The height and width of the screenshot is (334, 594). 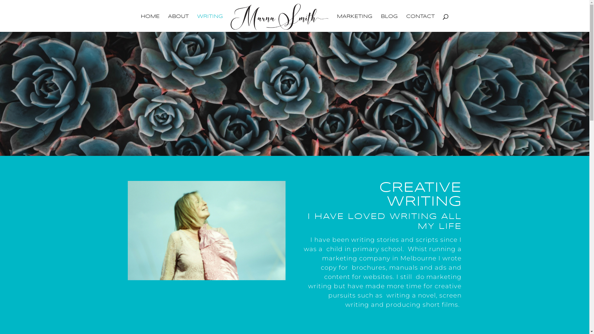 I want to click on 'HOME', so click(x=150, y=23).